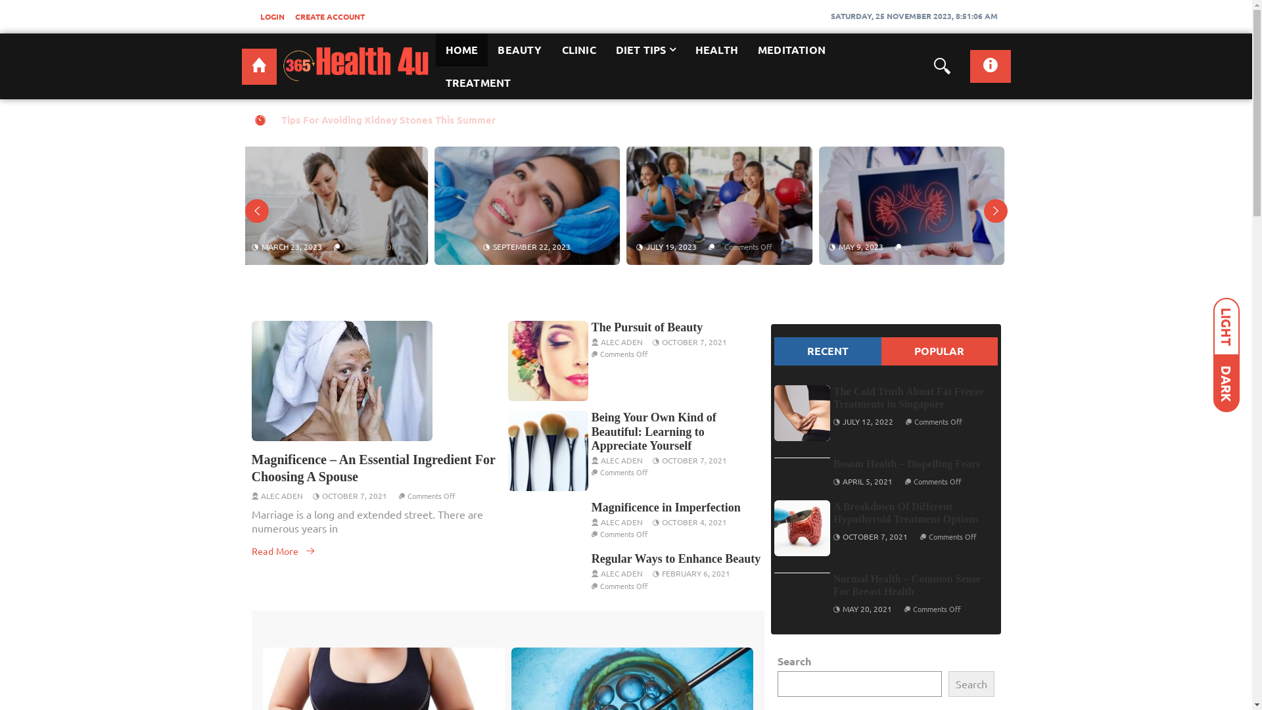 The height and width of the screenshot is (710, 1262). What do you see at coordinates (868, 481) in the screenshot?
I see `'APRIL 5, 2021'` at bounding box center [868, 481].